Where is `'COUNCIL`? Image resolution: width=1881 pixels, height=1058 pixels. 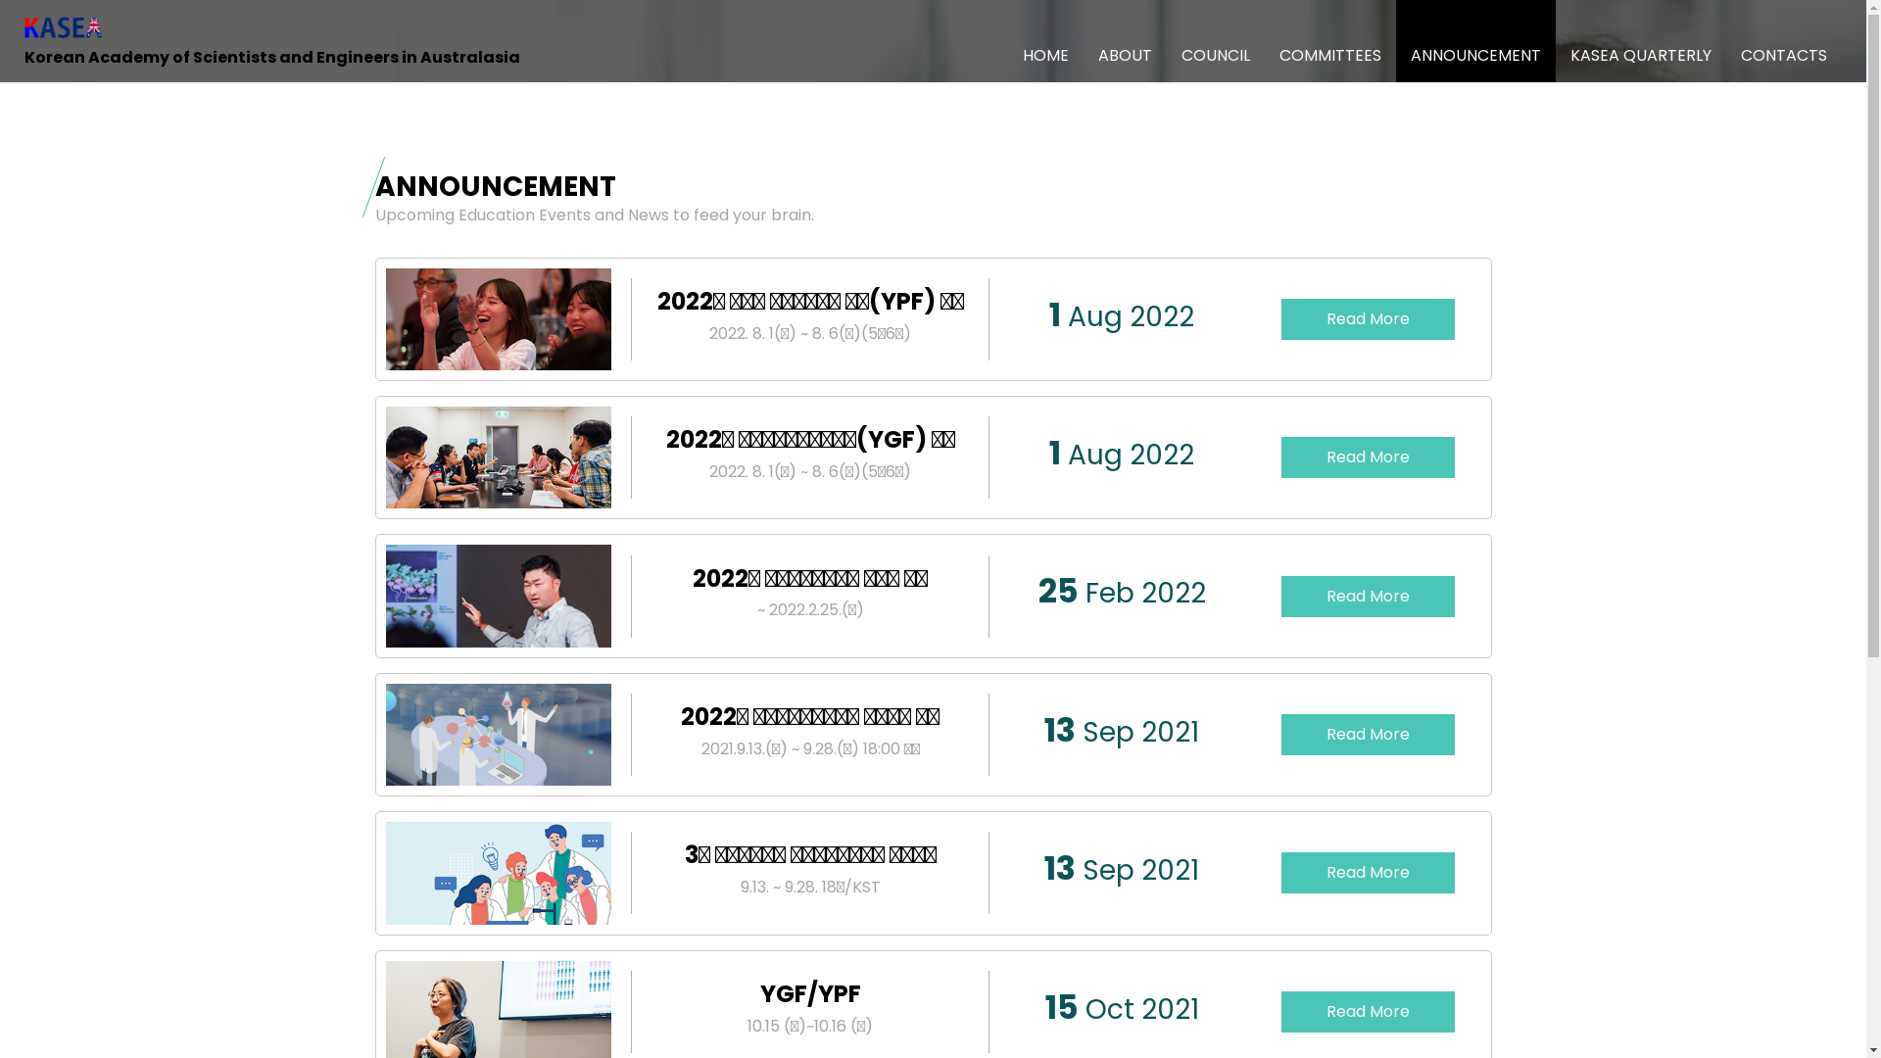 'COUNCIL is located at coordinates (1215, 41).